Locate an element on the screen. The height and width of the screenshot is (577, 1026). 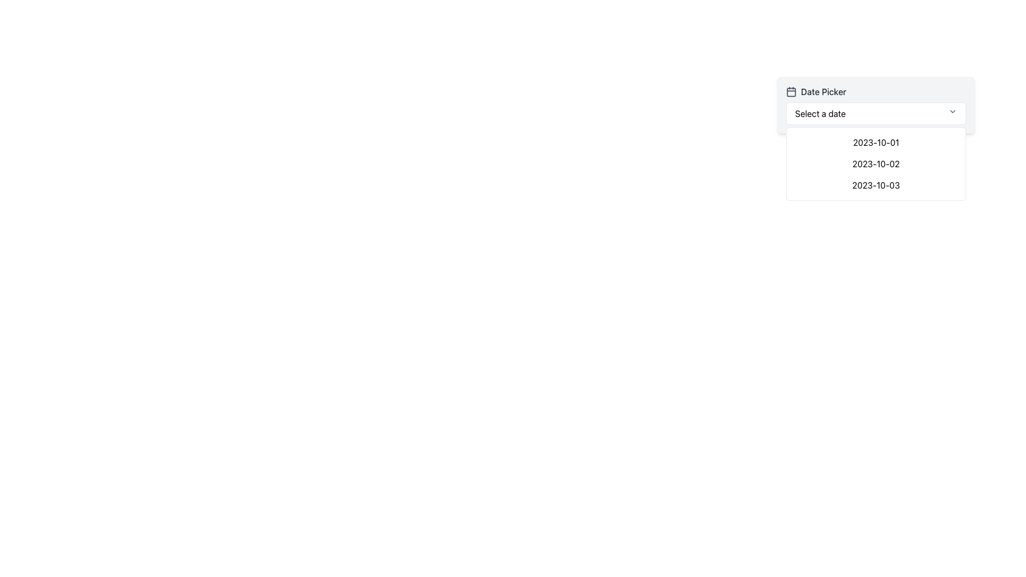
the dropdown toggle icon located at the far-right side of the 'Select a date' dropdown within the 'Date Picker' component is located at coordinates (952, 111).